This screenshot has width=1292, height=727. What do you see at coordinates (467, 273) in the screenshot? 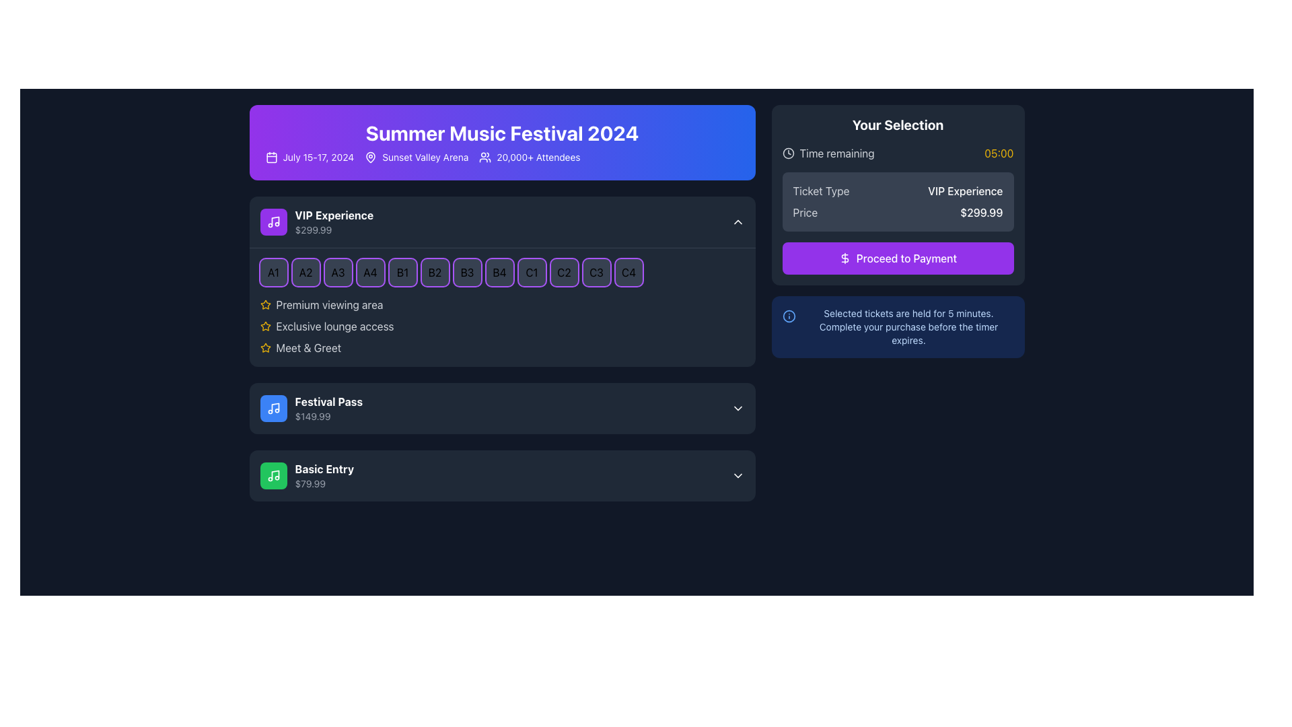
I see `the button labeled 'B3', which is a small, dark gray square block with a purple border located under the 'VIP Experience' section of the interface` at bounding box center [467, 273].